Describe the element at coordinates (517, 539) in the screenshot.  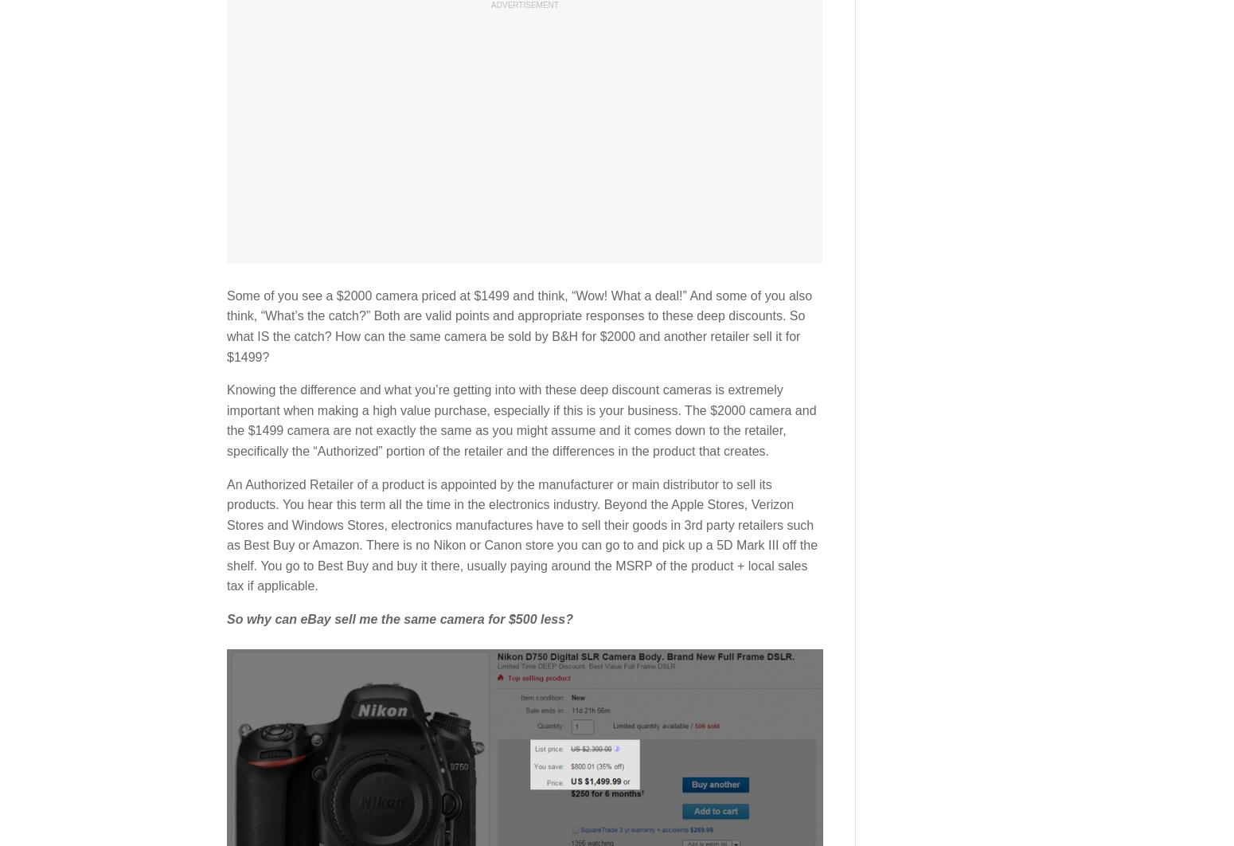
I see `'Most of my gear are from gray market and never had a bad copy. Most of the time, the problems I experienced with those kind of products are photocopied manuals, manuals with different language, & weird plugs for the charger. Never got a box with missing batteries, cords, and other accessories.'` at that location.